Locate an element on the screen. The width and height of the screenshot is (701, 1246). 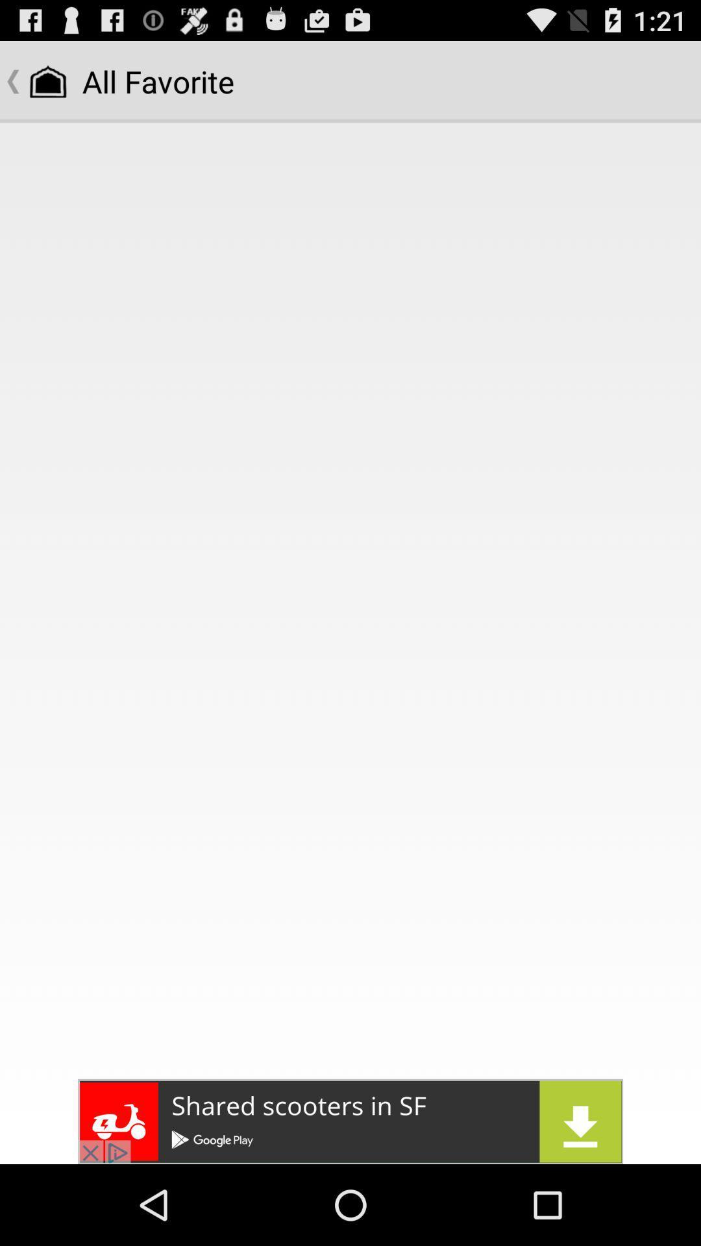
shared scooters in sf is located at coordinates (350, 1121).